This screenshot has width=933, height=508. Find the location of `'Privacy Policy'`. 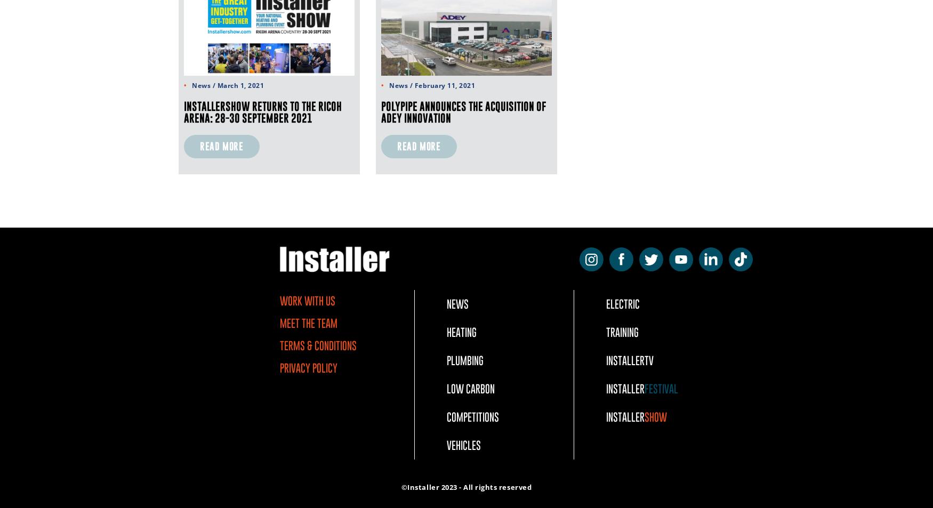

'Privacy Policy' is located at coordinates (279, 368).